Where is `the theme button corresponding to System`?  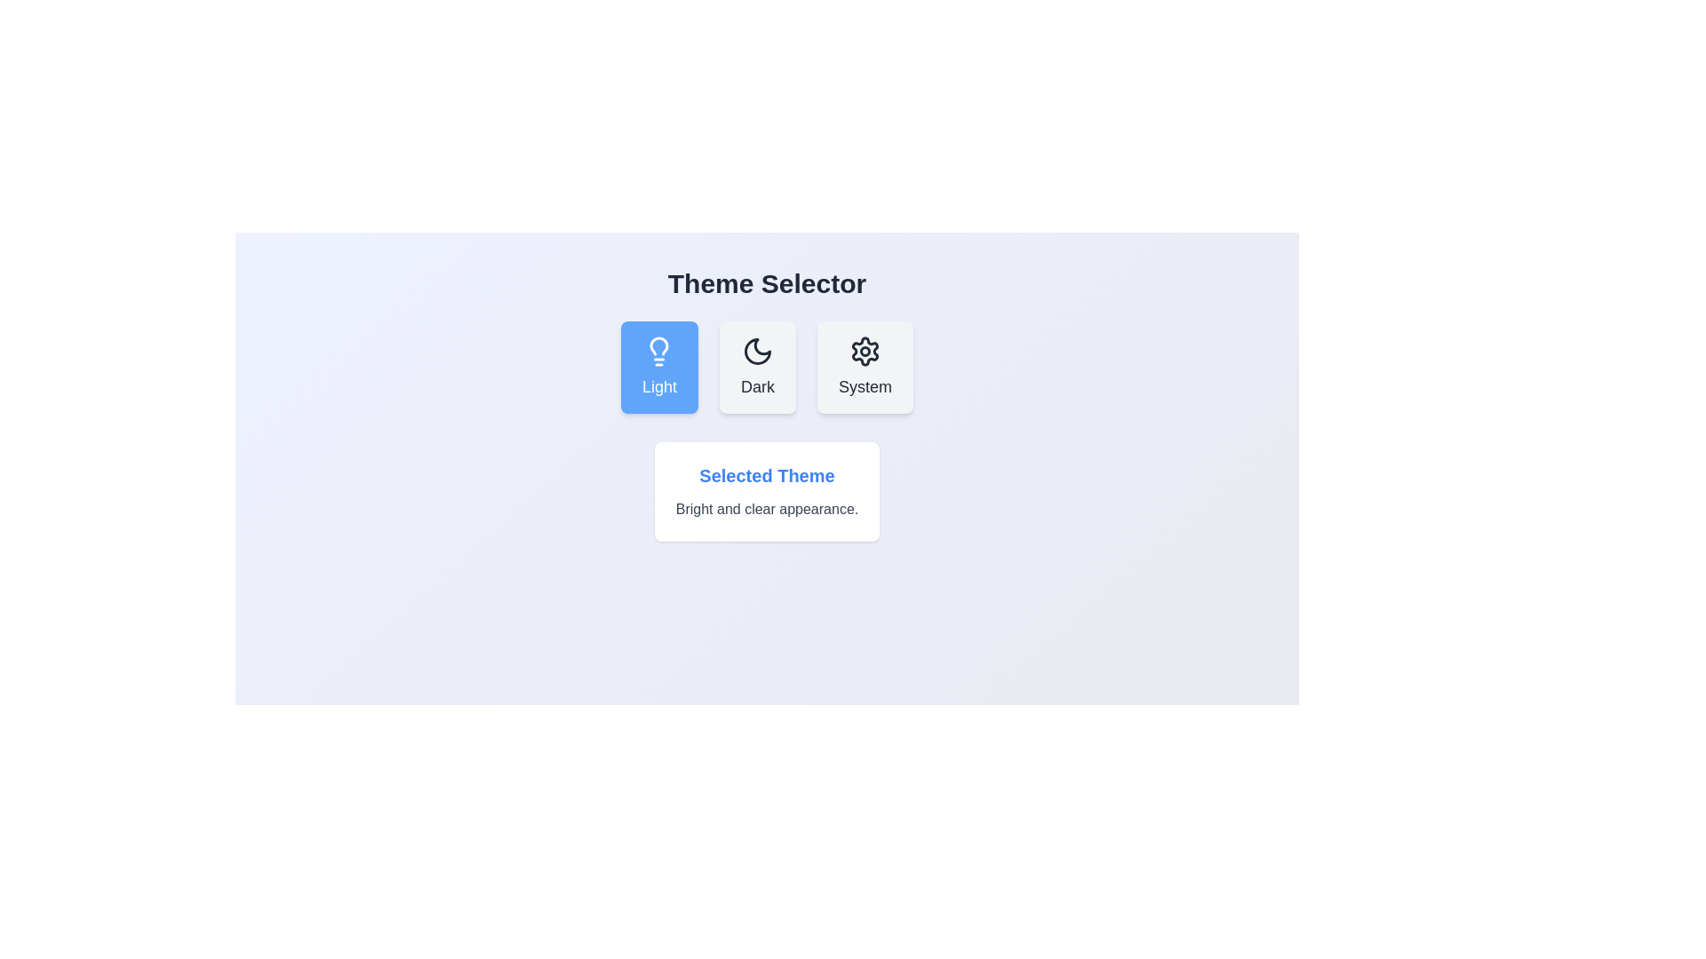 the theme button corresponding to System is located at coordinates (865, 366).